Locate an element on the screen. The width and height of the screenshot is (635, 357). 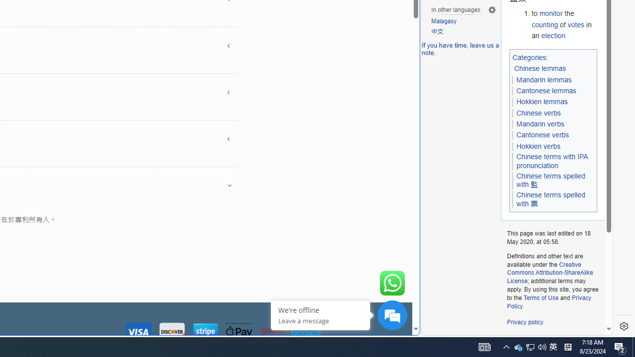
'counting' is located at coordinates (544, 24).